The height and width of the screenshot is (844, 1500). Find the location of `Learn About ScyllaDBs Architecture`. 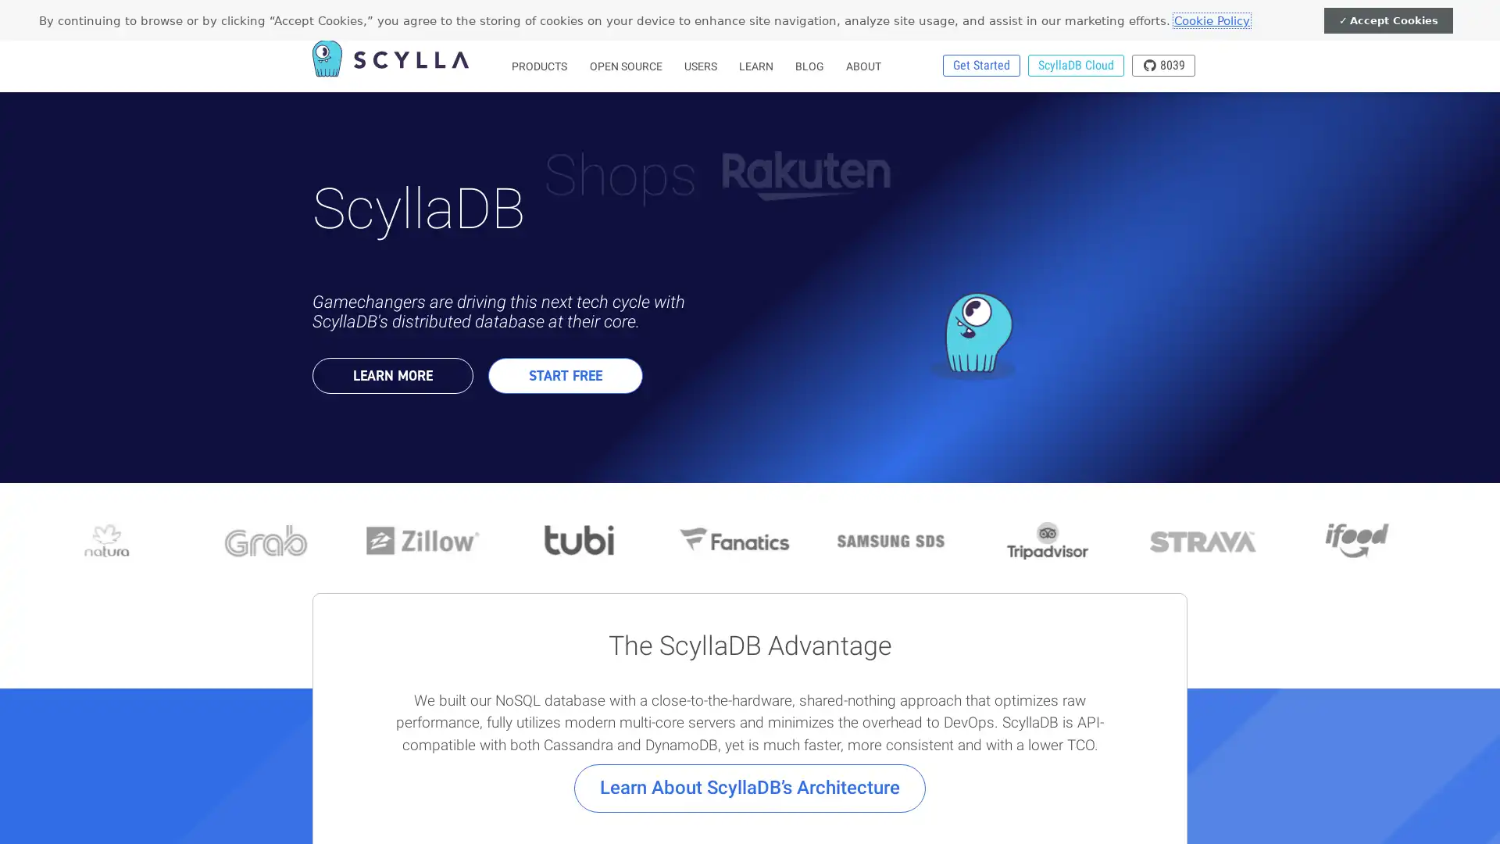

Learn About ScyllaDBs Architecture is located at coordinates (750, 789).